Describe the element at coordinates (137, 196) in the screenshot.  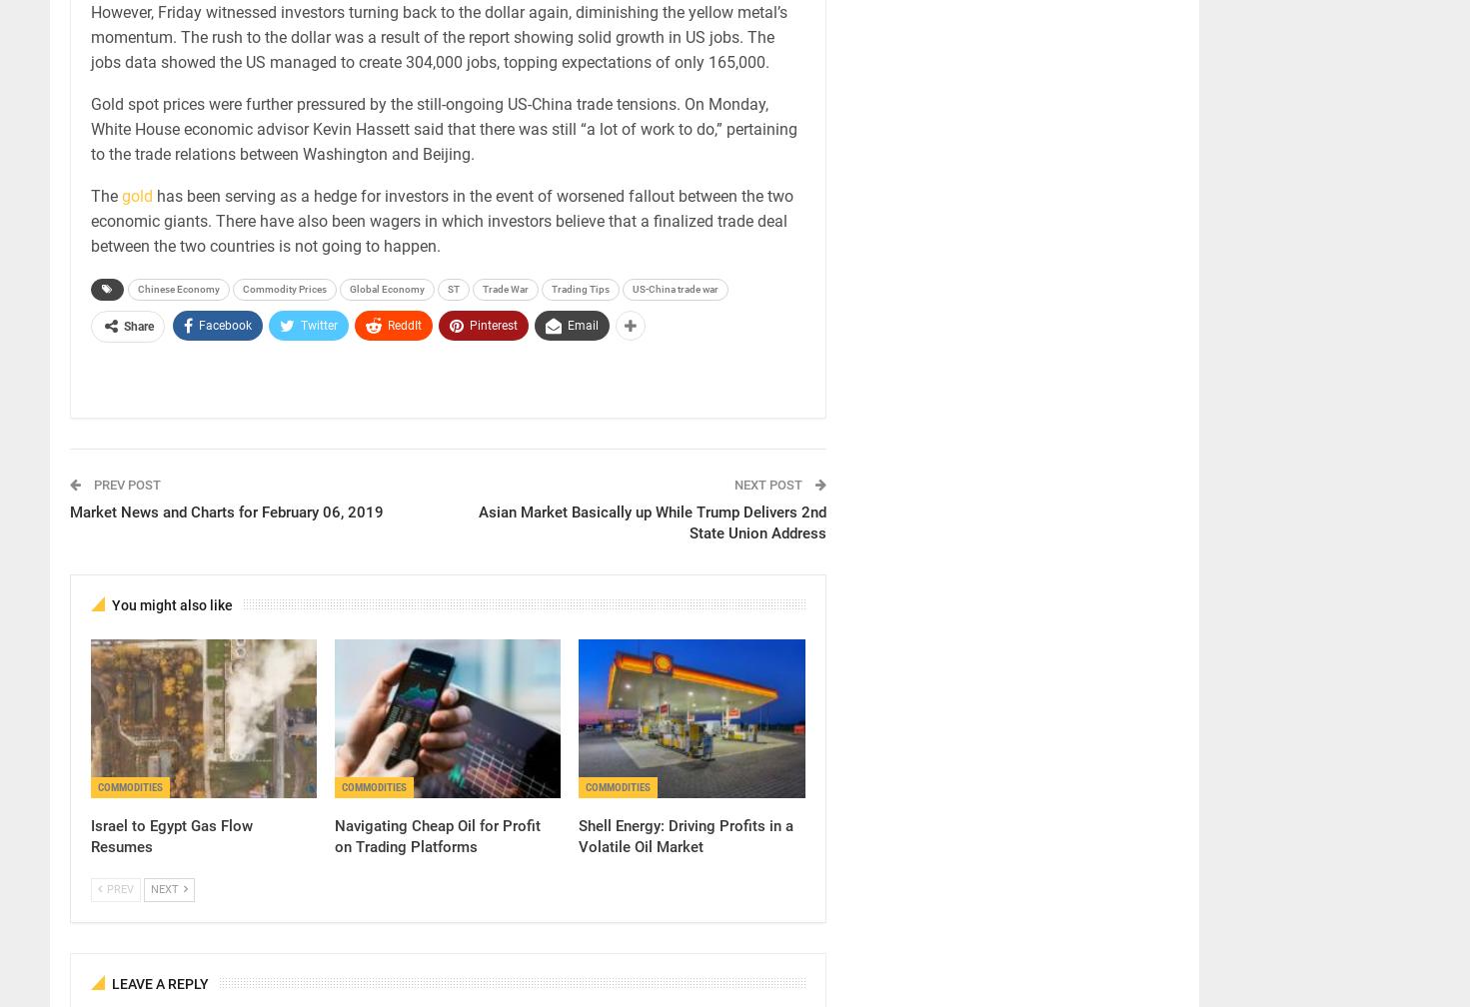
I see `'gold'` at that location.